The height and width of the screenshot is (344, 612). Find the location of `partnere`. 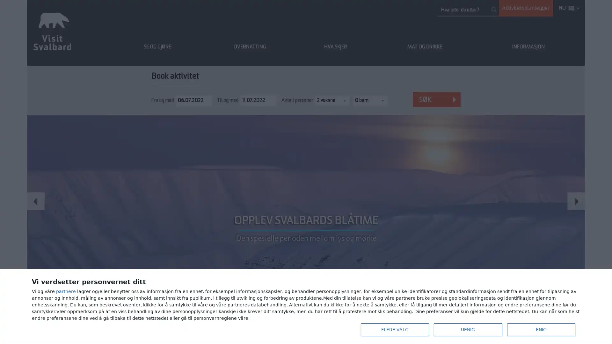

partnere is located at coordinates (66, 291).